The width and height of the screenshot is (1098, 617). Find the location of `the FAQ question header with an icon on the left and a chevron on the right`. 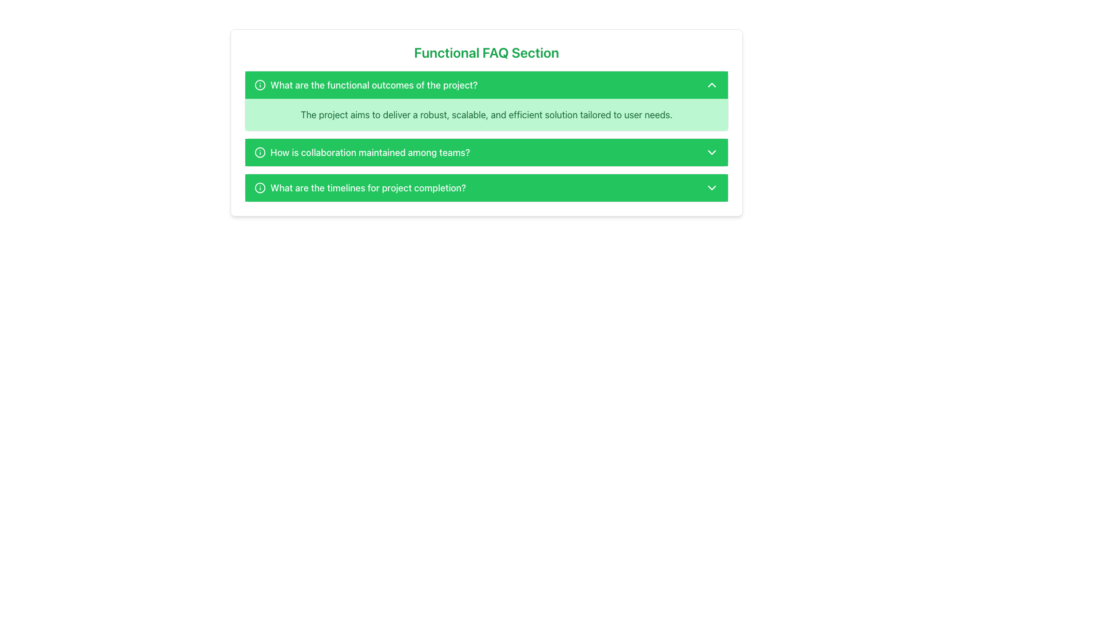

the FAQ question header with an icon on the left and a chevron on the right is located at coordinates (366, 85).